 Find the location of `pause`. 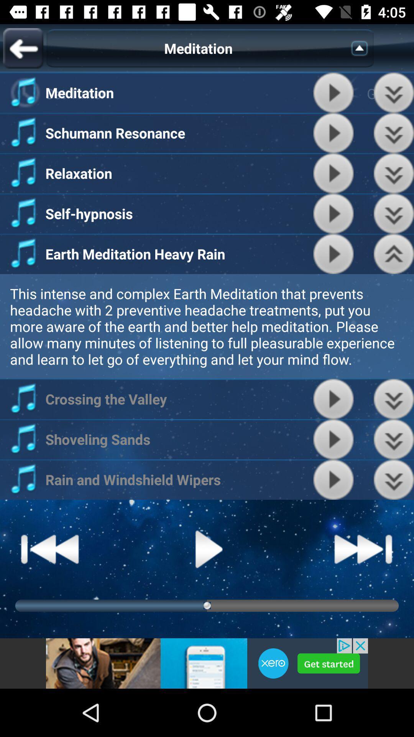

pause is located at coordinates (207, 549).